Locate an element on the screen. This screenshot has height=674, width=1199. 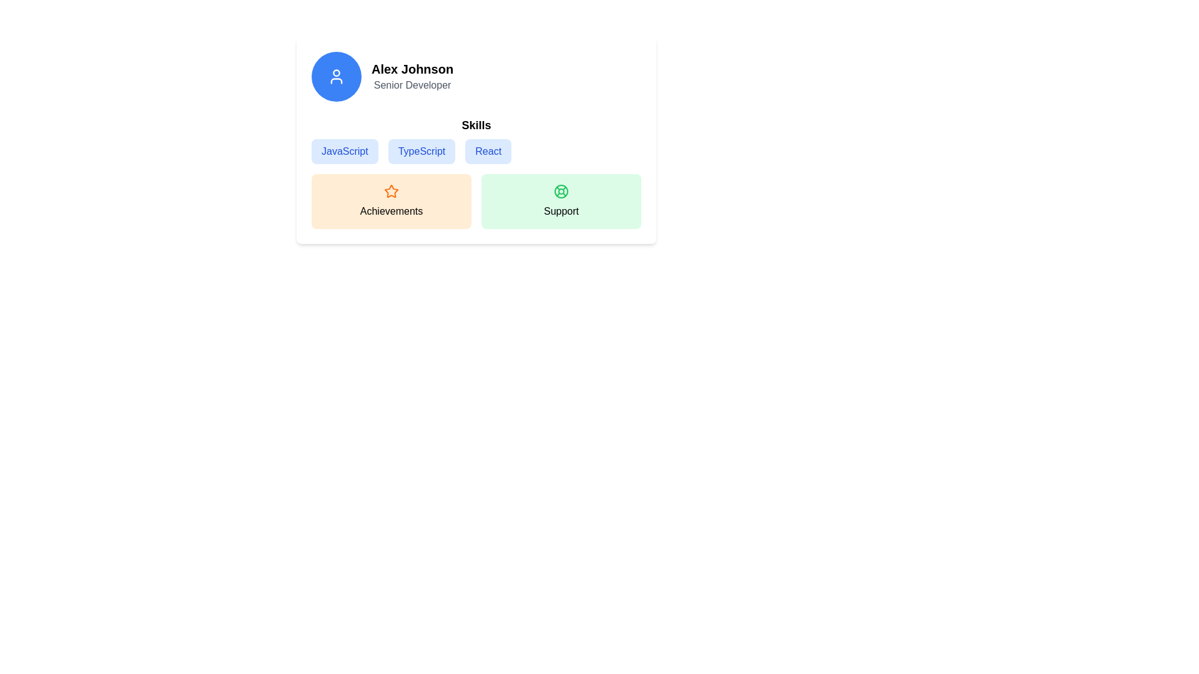
the Informational card representing the user's achievements, located in the left half of the grid layout below the 'Skills' header is located at coordinates (391, 201).